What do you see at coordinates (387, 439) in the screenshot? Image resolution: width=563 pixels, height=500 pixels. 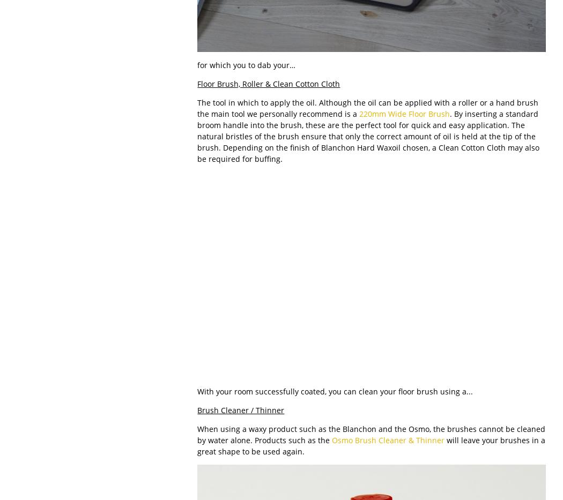 I see `'Osmo Brush Cleaner & Thinner'` at bounding box center [387, 439].